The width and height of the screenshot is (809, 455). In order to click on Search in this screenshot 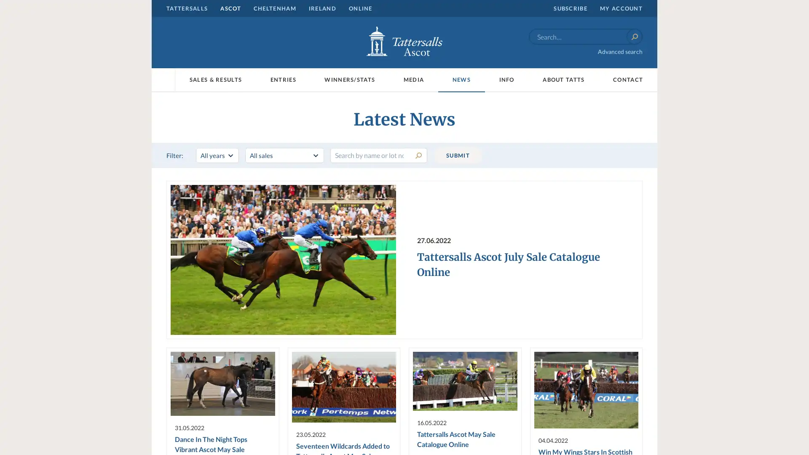, I will do `click(635, 36)`.